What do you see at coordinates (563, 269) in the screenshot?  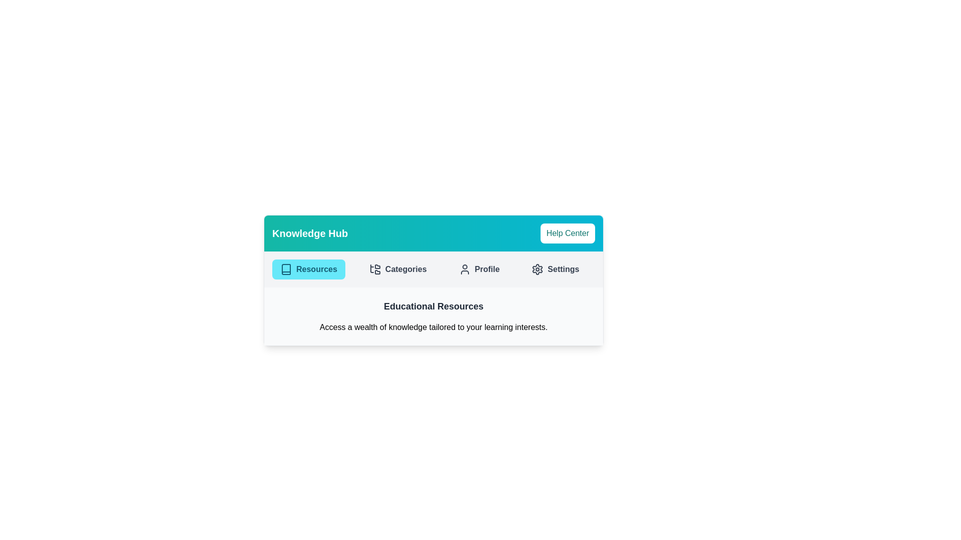 I see `the 'Settings' button located in the far right of the horizontal navigation menu` at bounding box center [563, 269].